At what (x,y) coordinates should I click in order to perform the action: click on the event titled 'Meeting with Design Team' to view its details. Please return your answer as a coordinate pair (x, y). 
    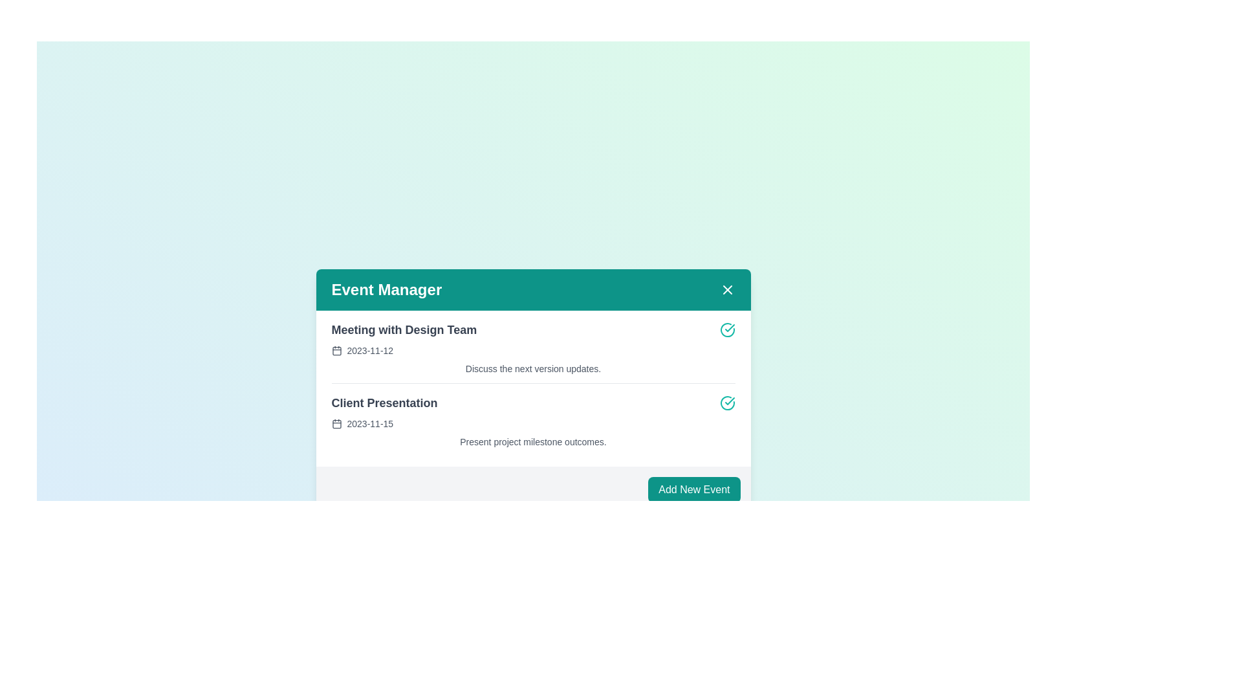
    Looking at the image, I should click on (403, 329).